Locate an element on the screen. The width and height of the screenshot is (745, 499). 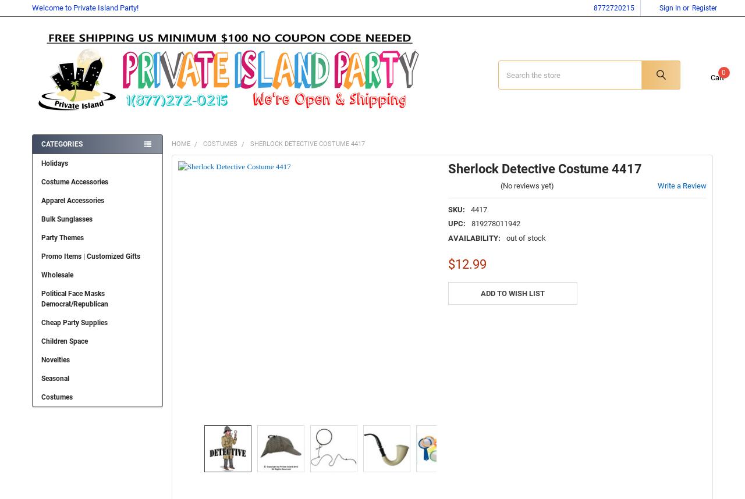
'0' is located at coordinates (712, 77).